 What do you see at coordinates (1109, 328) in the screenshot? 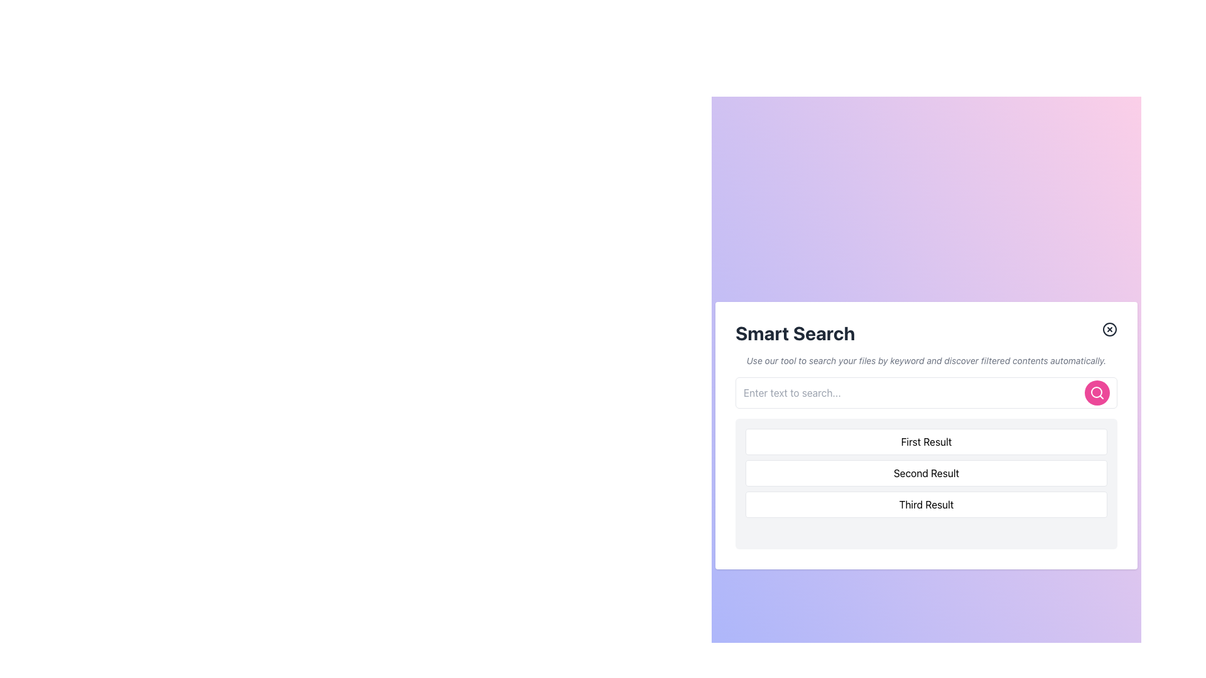
I see `the close button icon, represented by a circle with a cross inside it, located to the right of the 'Smart Search' title text` at bounding box center [1109, 328].